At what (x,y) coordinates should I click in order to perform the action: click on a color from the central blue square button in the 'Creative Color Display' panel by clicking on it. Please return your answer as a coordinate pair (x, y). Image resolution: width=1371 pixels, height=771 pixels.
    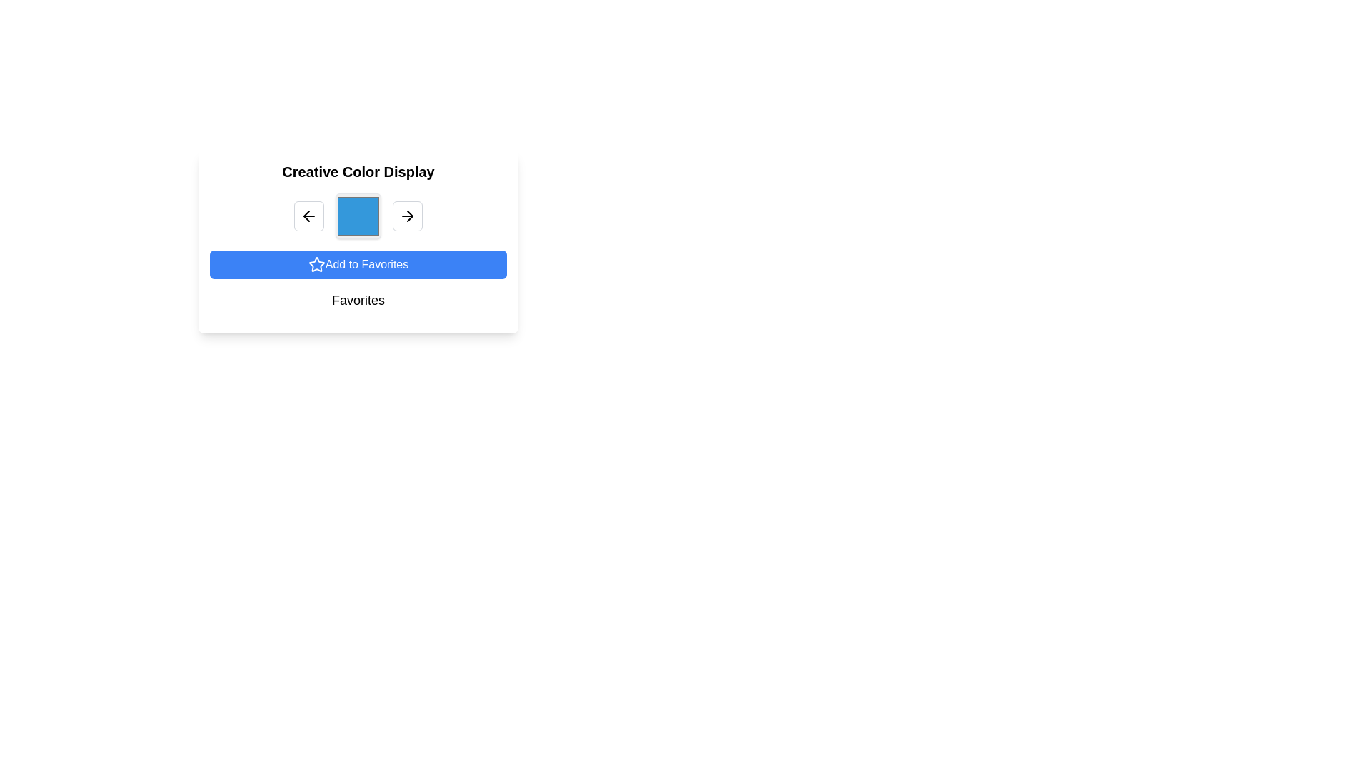
    Looking at the image, I should click on (358, 216).